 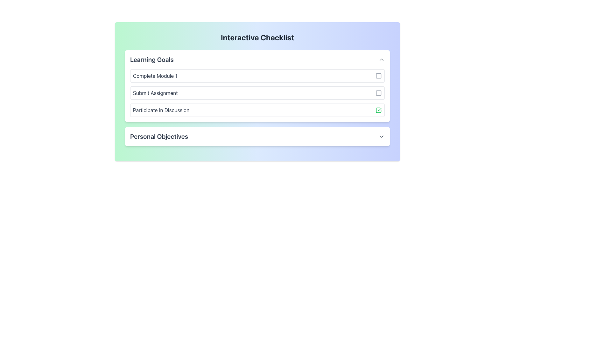 What do you see at coordinates (379, 93) in the screenshot?
I see `the checkbox located at the far right of the 'Submit Assignment' row` at bounding box center [379, 93].